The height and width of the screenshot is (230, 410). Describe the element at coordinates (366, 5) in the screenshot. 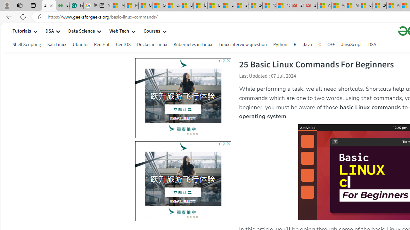

I see `'Cloud Computing Services | Microsoft Azure'` at that location.